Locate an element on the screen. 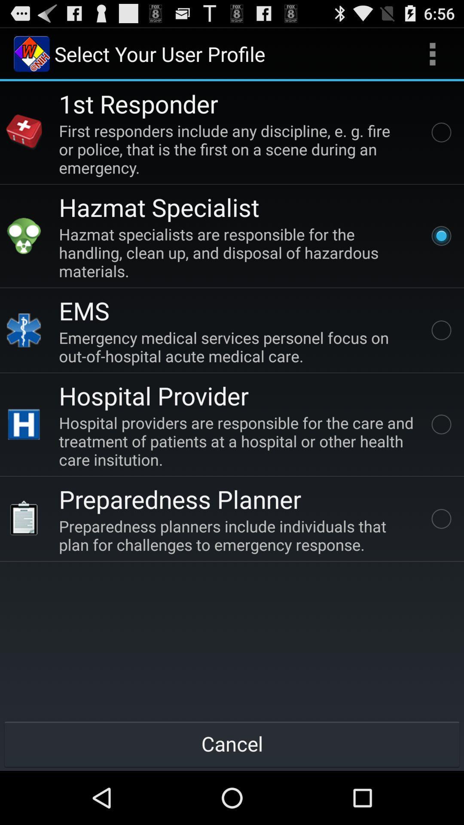  item below select your user item is located at coordinates (138, 103).